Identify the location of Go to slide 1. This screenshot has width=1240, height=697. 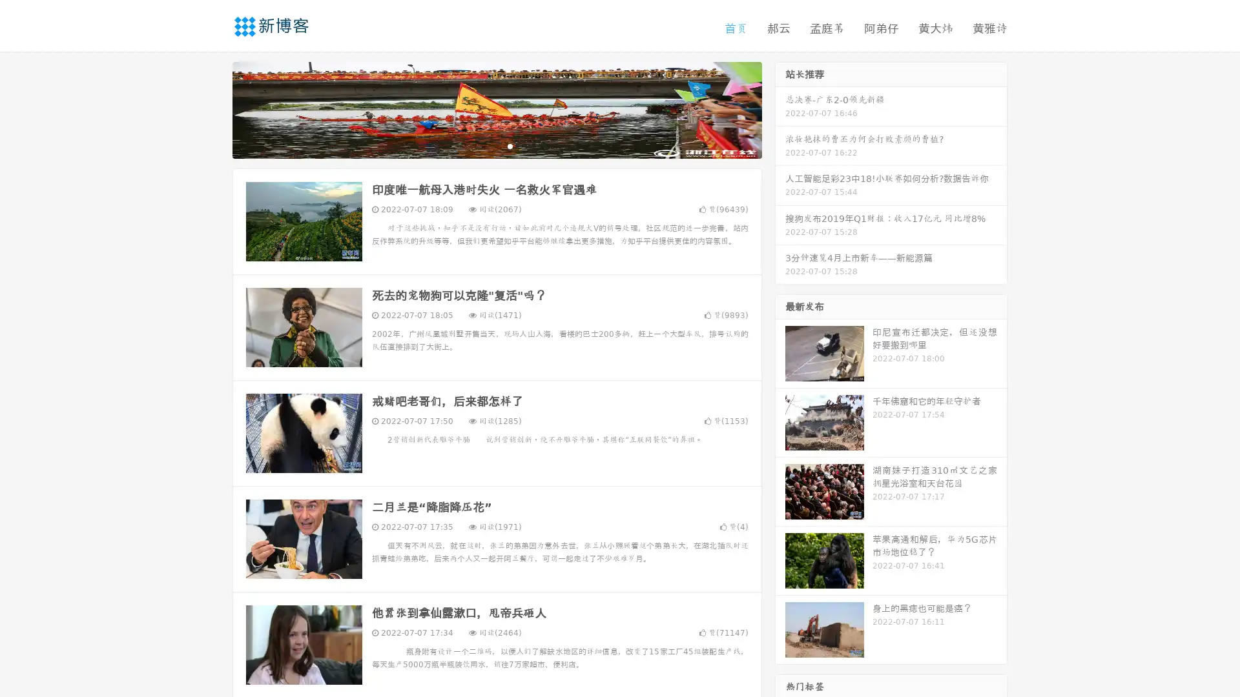
(483, 145).